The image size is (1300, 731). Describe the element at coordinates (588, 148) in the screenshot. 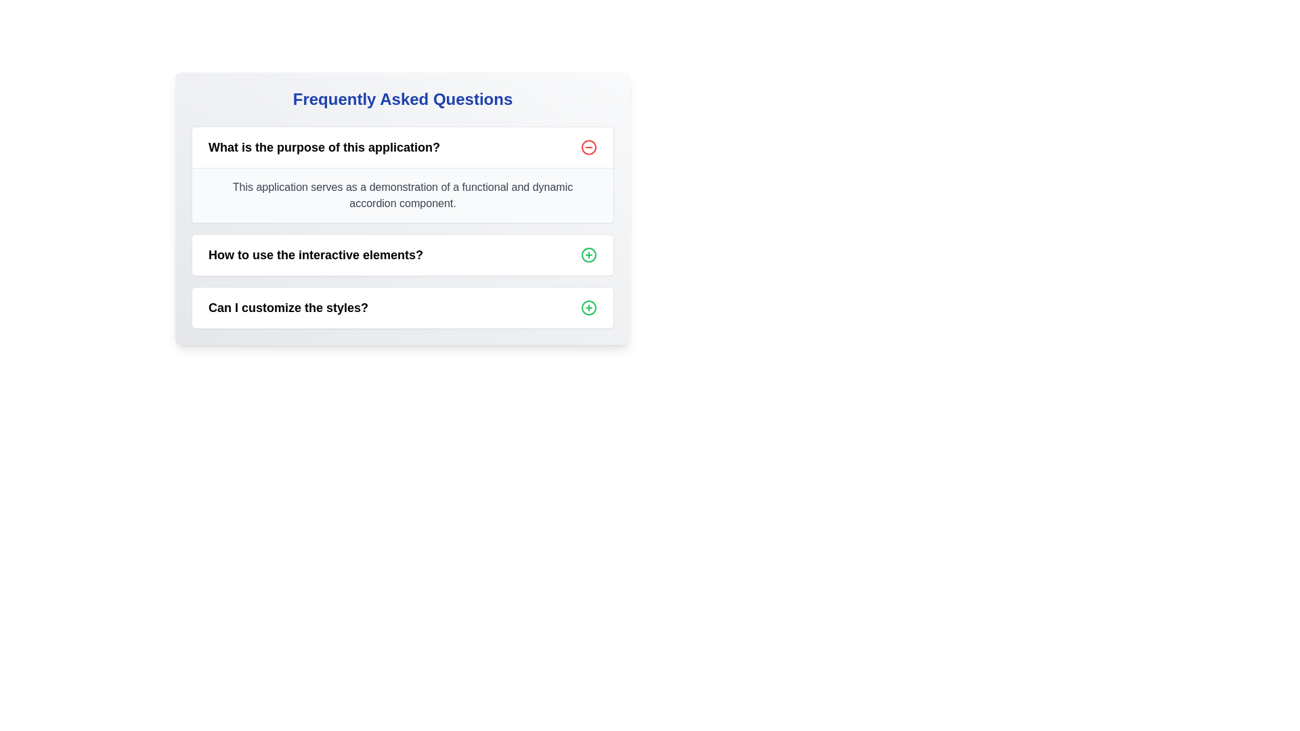

I see `the icon button located to the far right of the text 'What is the purpose of this application?'` at that location.